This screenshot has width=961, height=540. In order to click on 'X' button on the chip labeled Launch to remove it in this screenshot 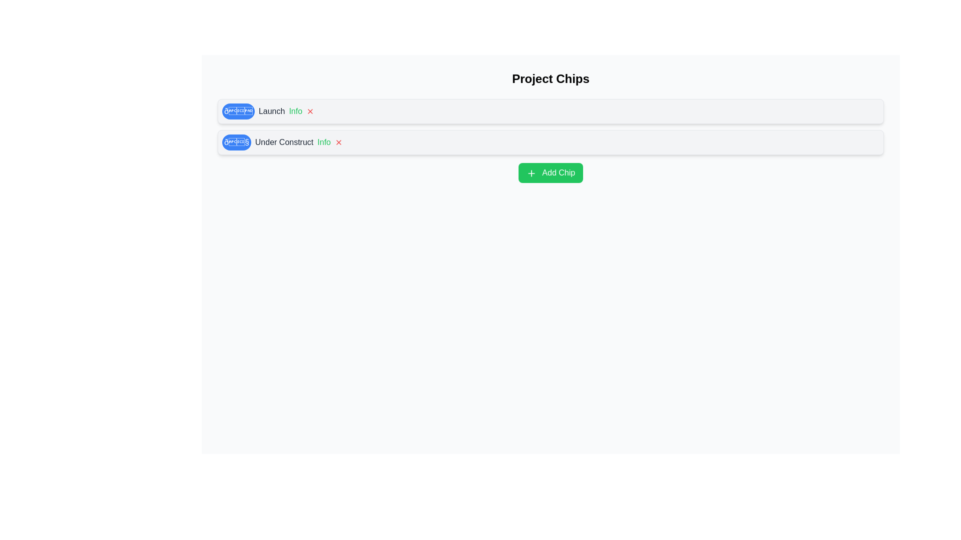, I will do `click(310, 111)`.